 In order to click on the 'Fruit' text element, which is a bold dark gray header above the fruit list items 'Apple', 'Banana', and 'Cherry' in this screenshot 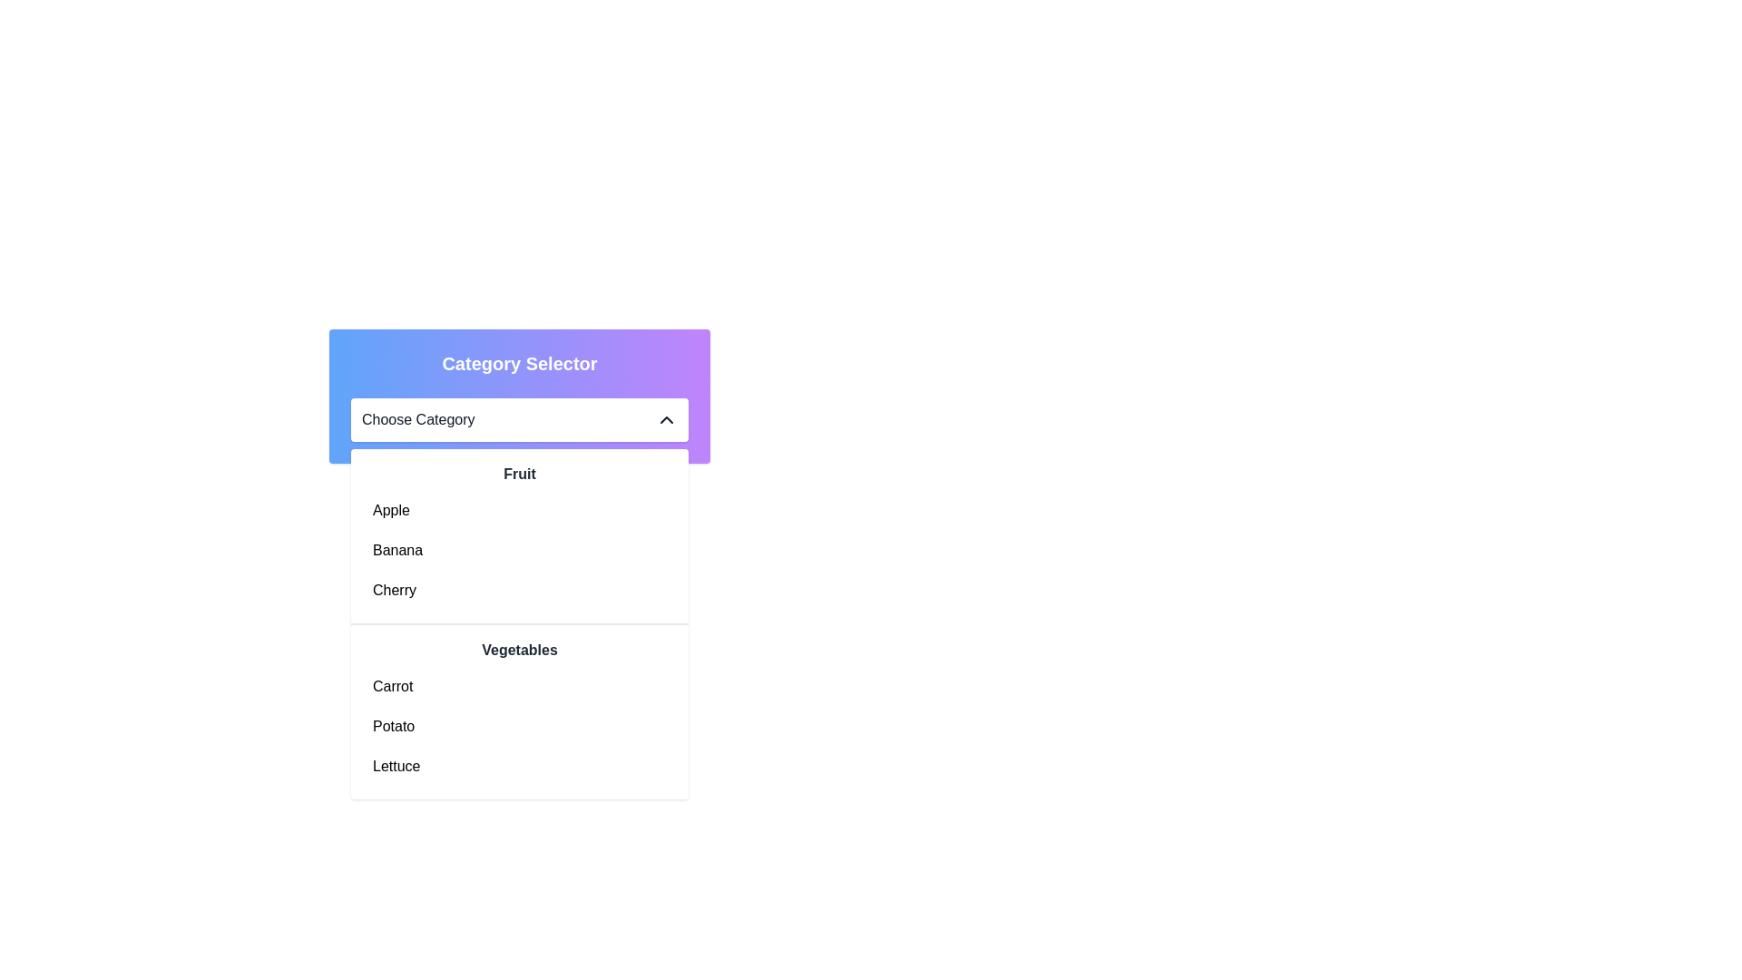, I will do `click(518, 474)`.